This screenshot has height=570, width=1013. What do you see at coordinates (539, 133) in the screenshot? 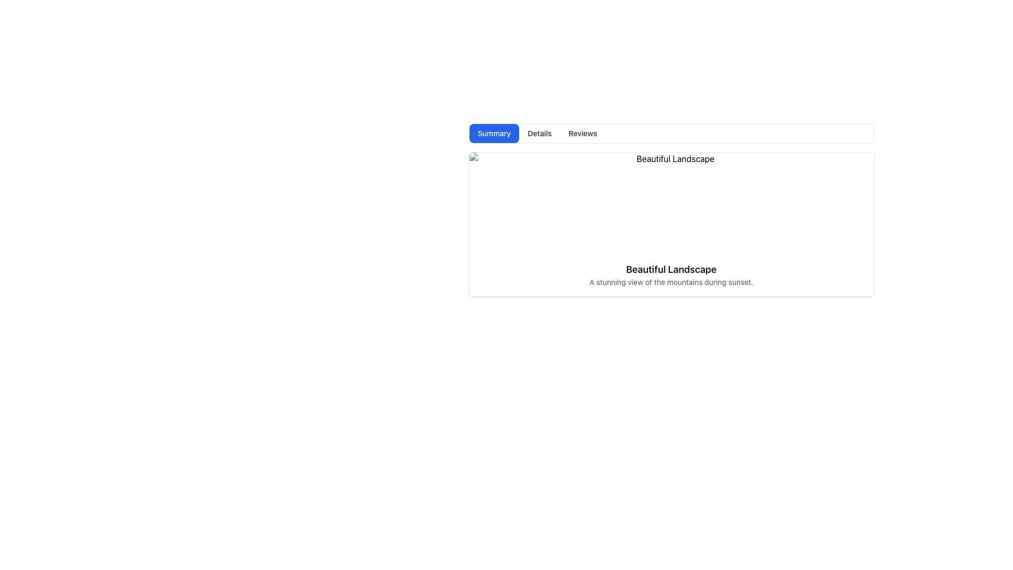
I see `the 'Details' button, which has a white background, rounded edges, and dark gray text` at bounding box center [539, 133].